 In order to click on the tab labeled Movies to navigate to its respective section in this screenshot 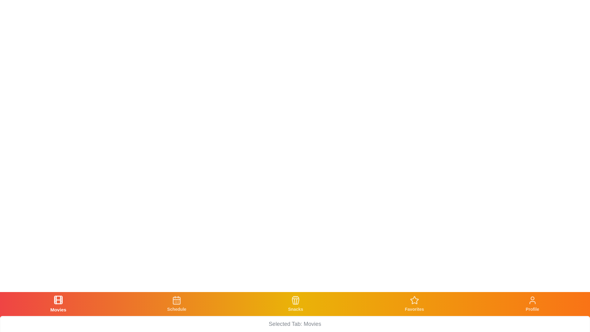, I will do `click(58, 303)`.